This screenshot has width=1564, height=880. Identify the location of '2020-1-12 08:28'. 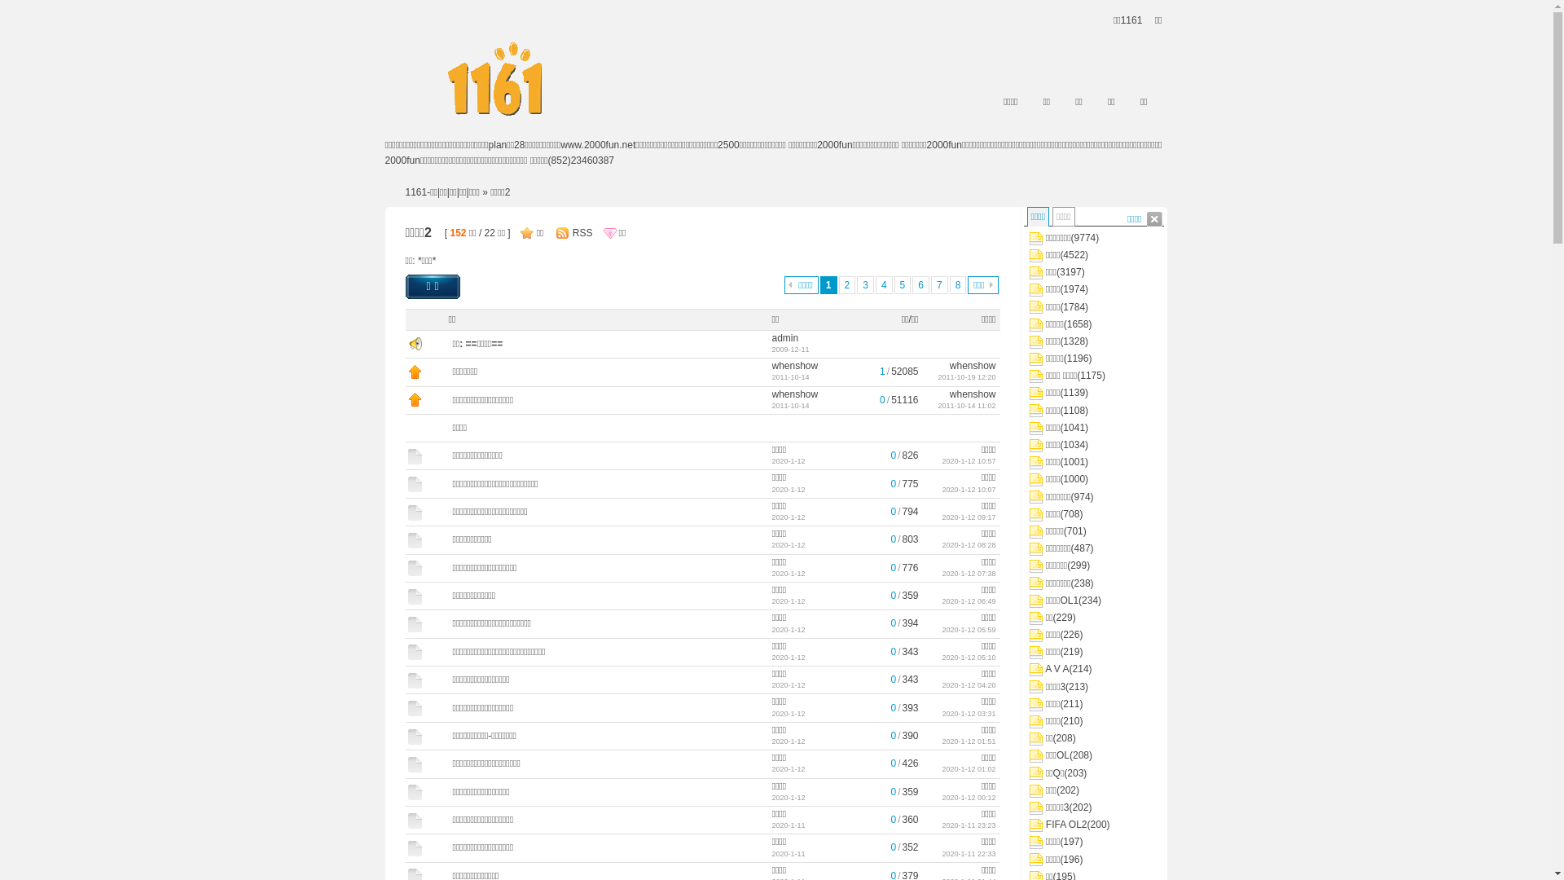
(969, 544).